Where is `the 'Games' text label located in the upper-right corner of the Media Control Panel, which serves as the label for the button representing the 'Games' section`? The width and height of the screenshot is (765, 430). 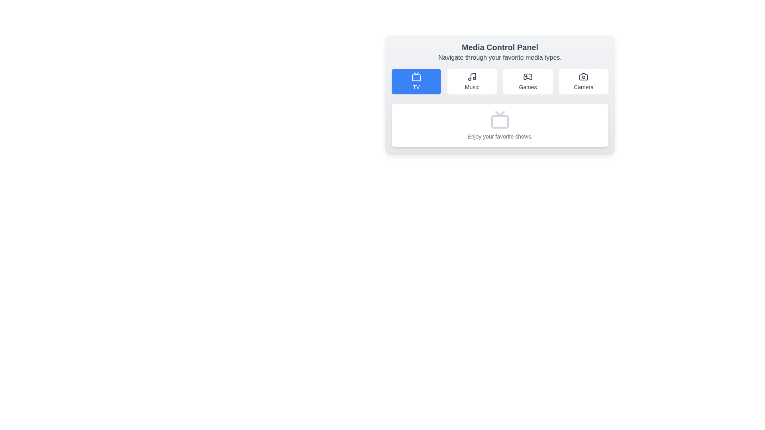
the 'Games' text label located in the upper-right corner of the Media Control Panel, which serves as the label for the button representing the 'Games' section is located at coordinates (528, 87).